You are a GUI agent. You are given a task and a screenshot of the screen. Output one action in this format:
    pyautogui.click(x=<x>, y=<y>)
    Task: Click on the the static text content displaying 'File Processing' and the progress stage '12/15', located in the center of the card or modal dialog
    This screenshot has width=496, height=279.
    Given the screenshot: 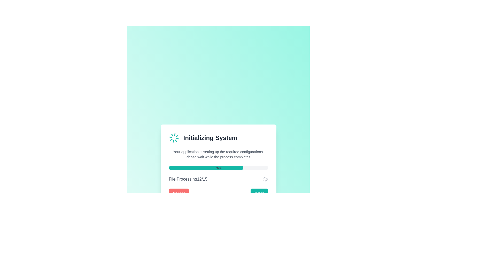 What is the action you would take?
    pyautogui.click(x=188, y=179)
    